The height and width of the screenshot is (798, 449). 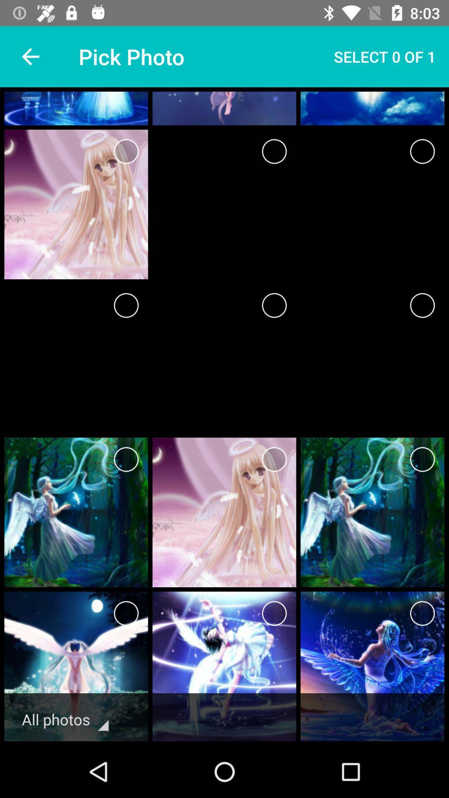 I want to click on advertisement, so click(x=274, y=459).